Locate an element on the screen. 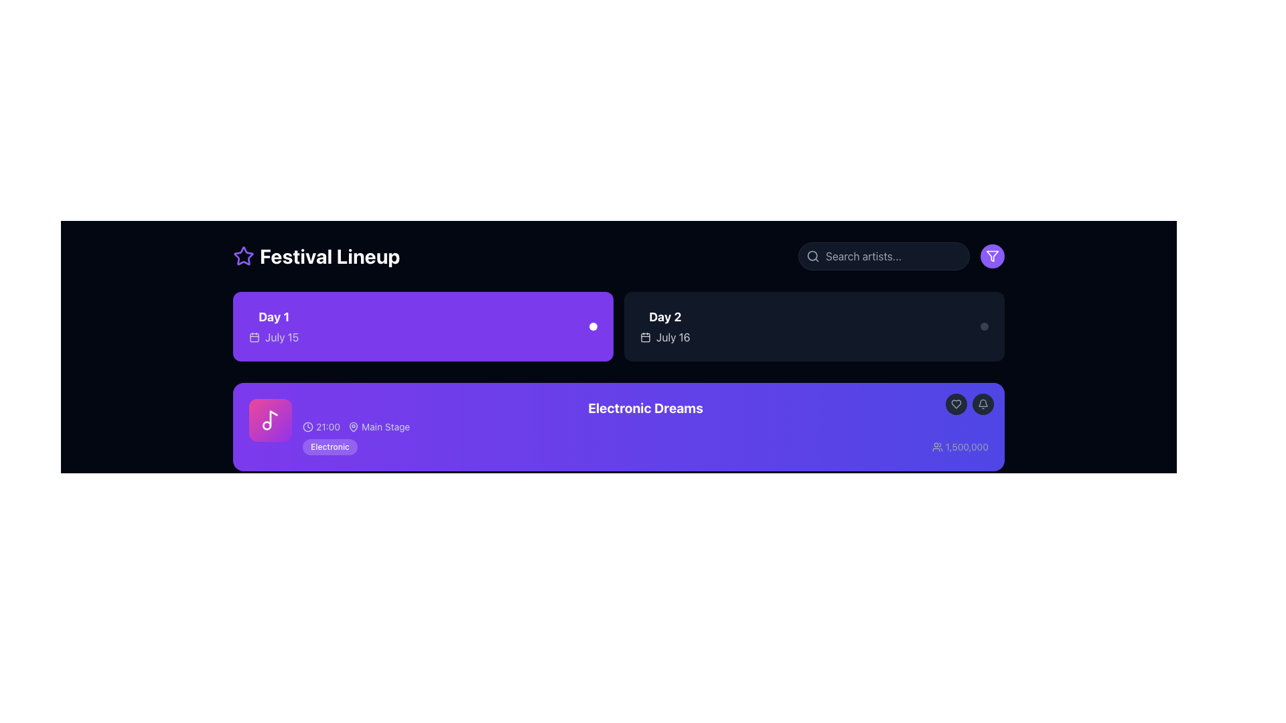 This screenshot has width=1286, height=723. the icon representing the event is located at coordinates (269, 420).